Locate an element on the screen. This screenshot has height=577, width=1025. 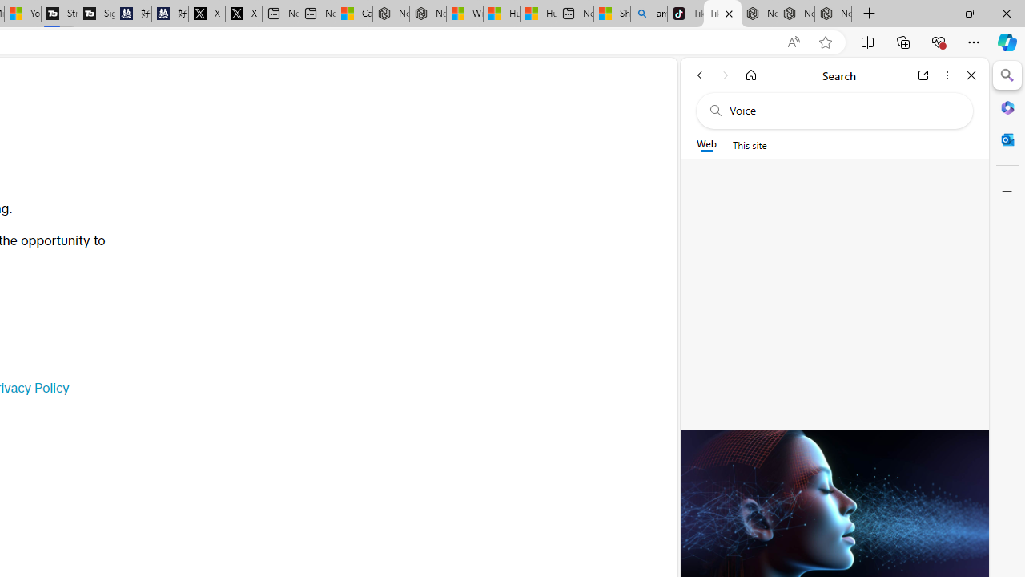
'Search the web' is located at coordinates (842, 110).